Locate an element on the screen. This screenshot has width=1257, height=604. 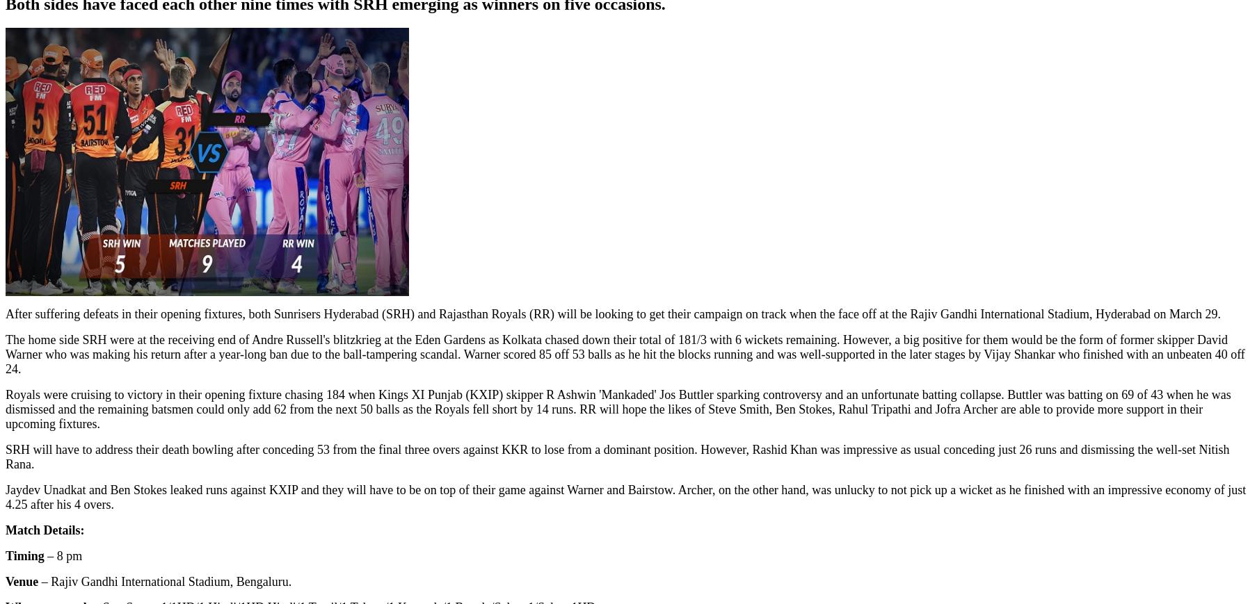
'Venue' is located at coordinates (22, 582).